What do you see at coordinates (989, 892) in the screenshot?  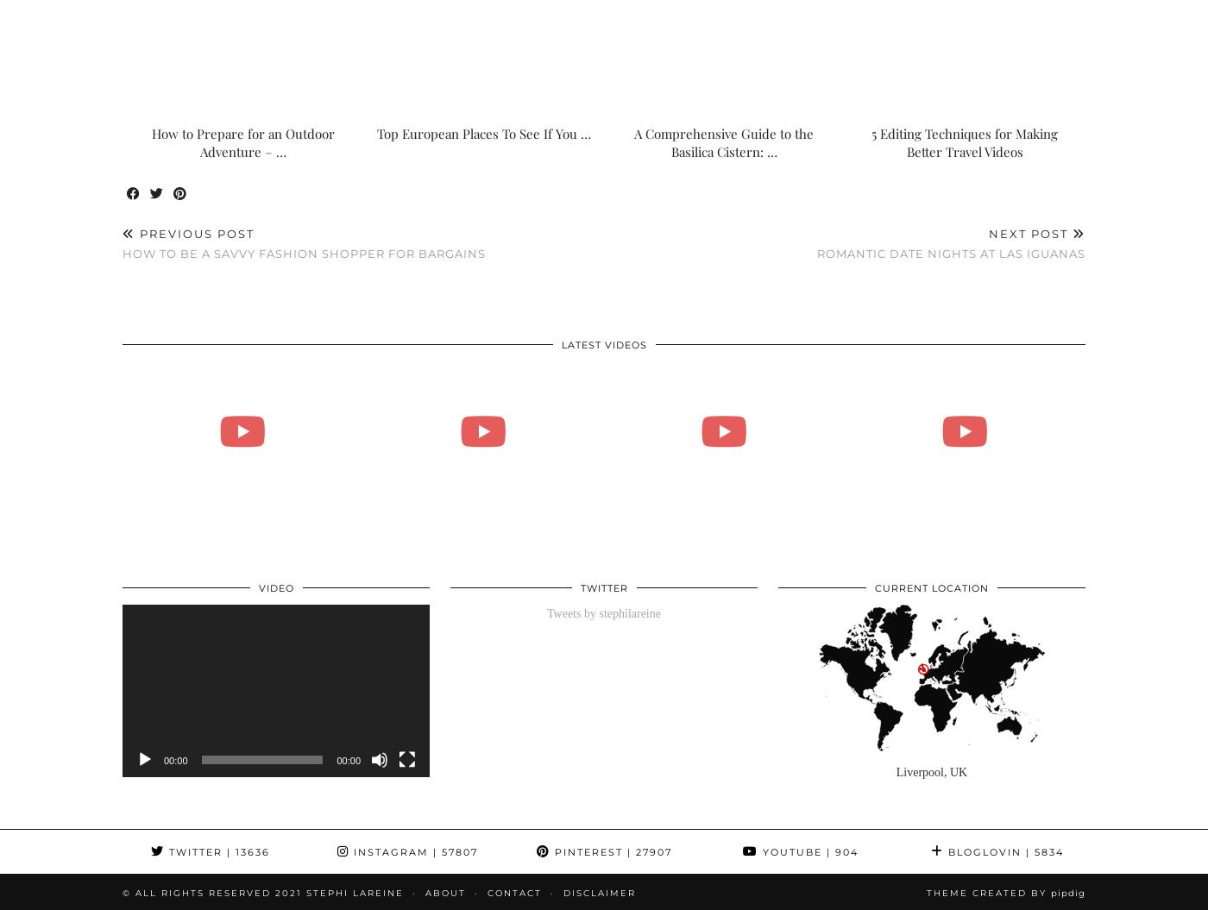 I see `'Theme Created by'` at bounding box center [989, 892].